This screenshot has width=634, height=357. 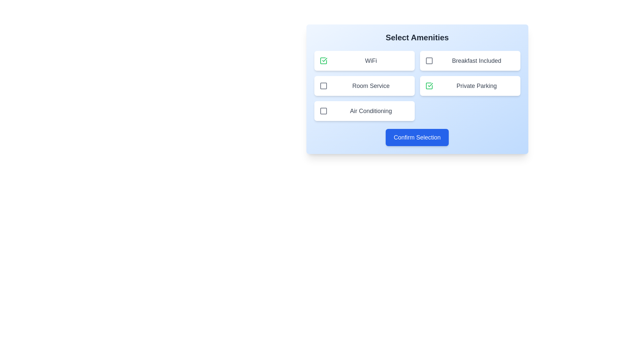 I want to click on the checkbox labeled 'Room Service', so click(x=323, y=85).